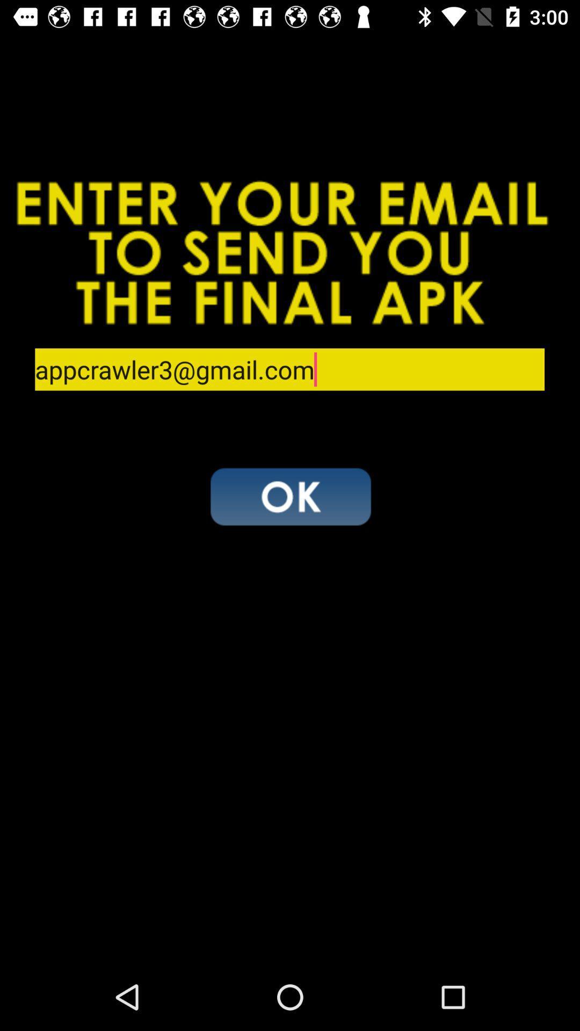 The height and width of the screenshot is (1031, 580). I want to click on ok, so click(290, 496).